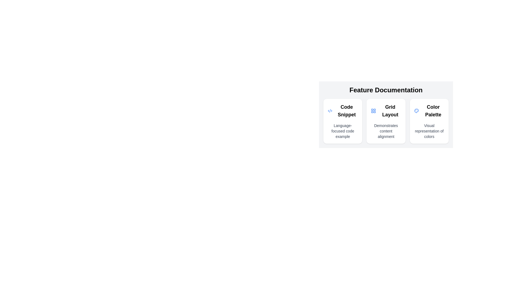 This screenshot has height=295, width=524. I want to click on the 'Color Palette' label with a blue palette icon, so click(429, 111).